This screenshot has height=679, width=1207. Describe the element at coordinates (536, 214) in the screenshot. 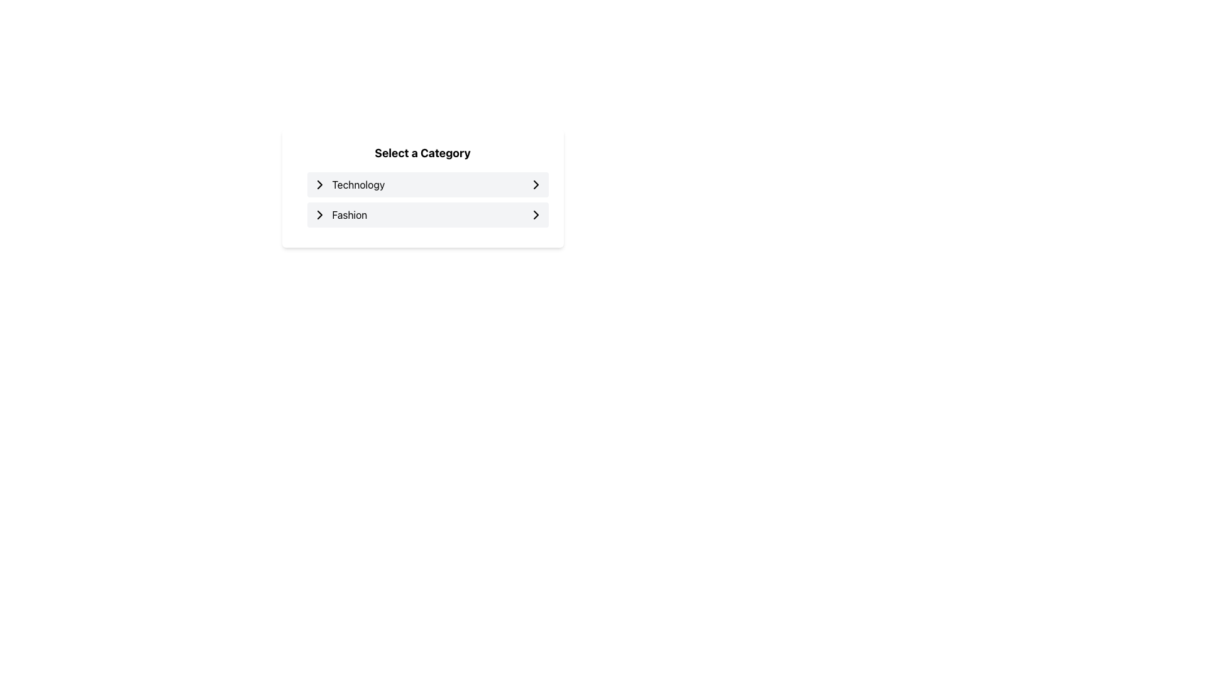

I see `the Chevron or Right Arrow icon next to the 'Fashion' category label` at that location.